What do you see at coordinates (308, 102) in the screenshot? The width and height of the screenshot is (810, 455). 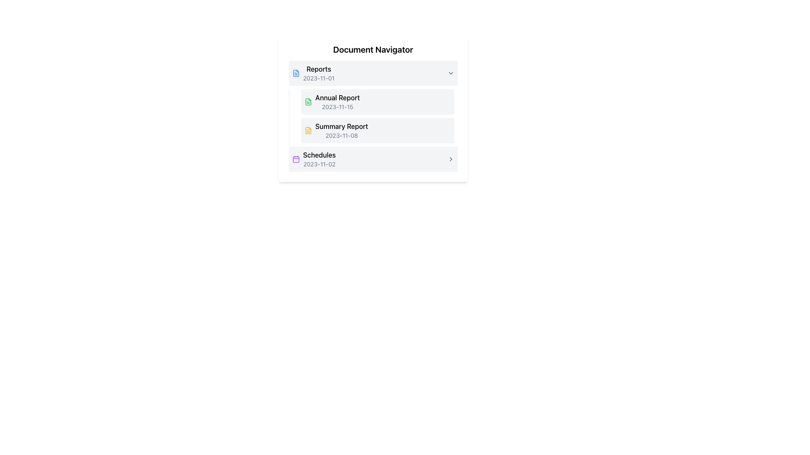 I see `the icon representing the 'Annual Report' document, located to the immediate left of the text 'Annual Report'` at bounding box center [308, 102].